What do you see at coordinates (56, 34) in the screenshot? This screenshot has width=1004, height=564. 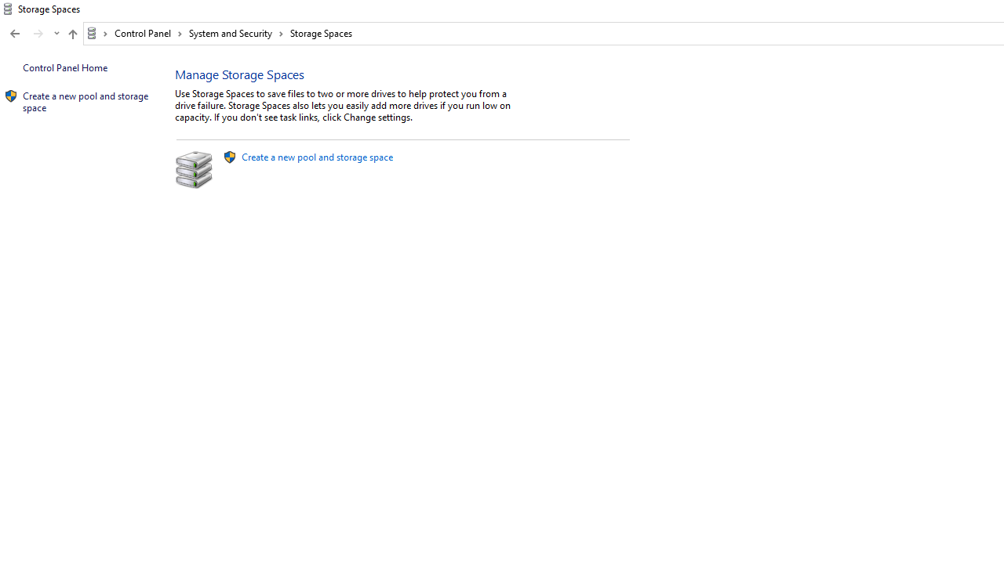 I see `'Recent locations'` at bounding box center [56, 34].